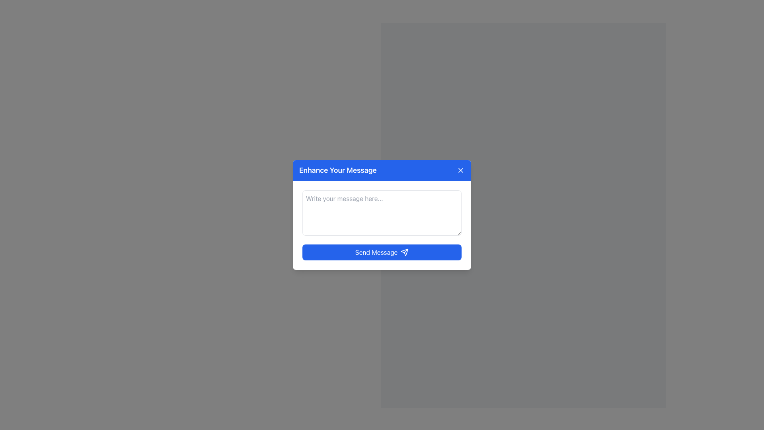 The image size is (764, 430). I want to click on the submission button located at the center-bottom of the form to send the message, so click(382, 252).